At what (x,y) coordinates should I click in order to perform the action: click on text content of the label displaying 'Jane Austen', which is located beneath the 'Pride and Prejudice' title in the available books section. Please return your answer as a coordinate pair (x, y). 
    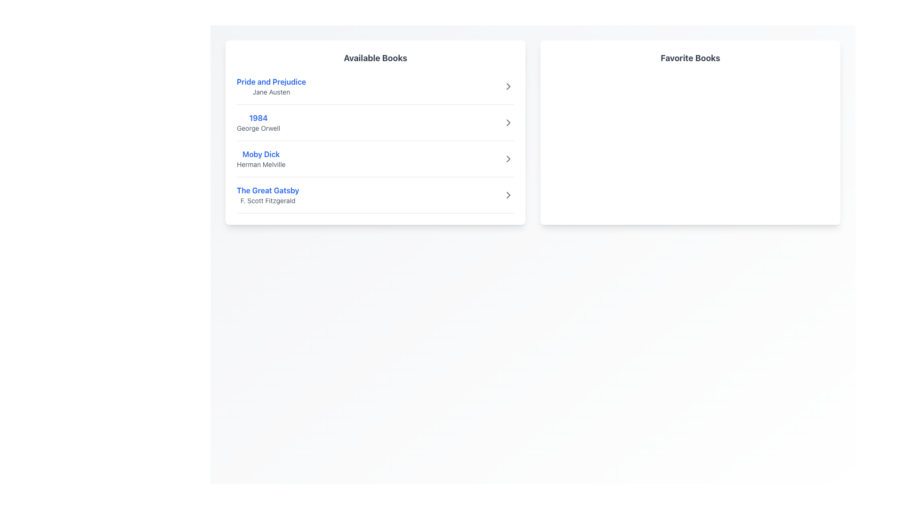
    Looking at the image, I should click on (271, 92).